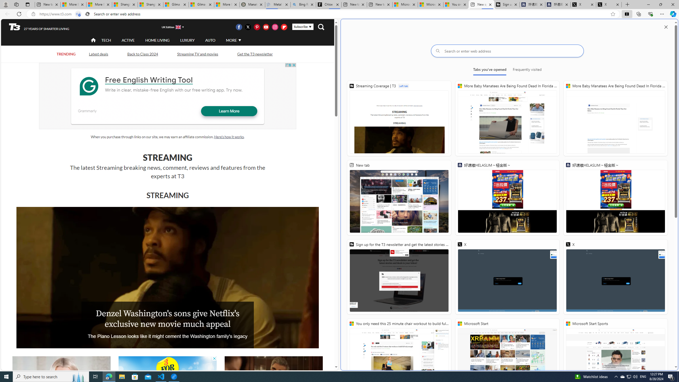 The height and width of the screenshot is (382, 679). What do you see at coordinates (399, 118) in the screenshot?
I see `'Streaming Coverage | T3'` at bounding box center [399, 118].